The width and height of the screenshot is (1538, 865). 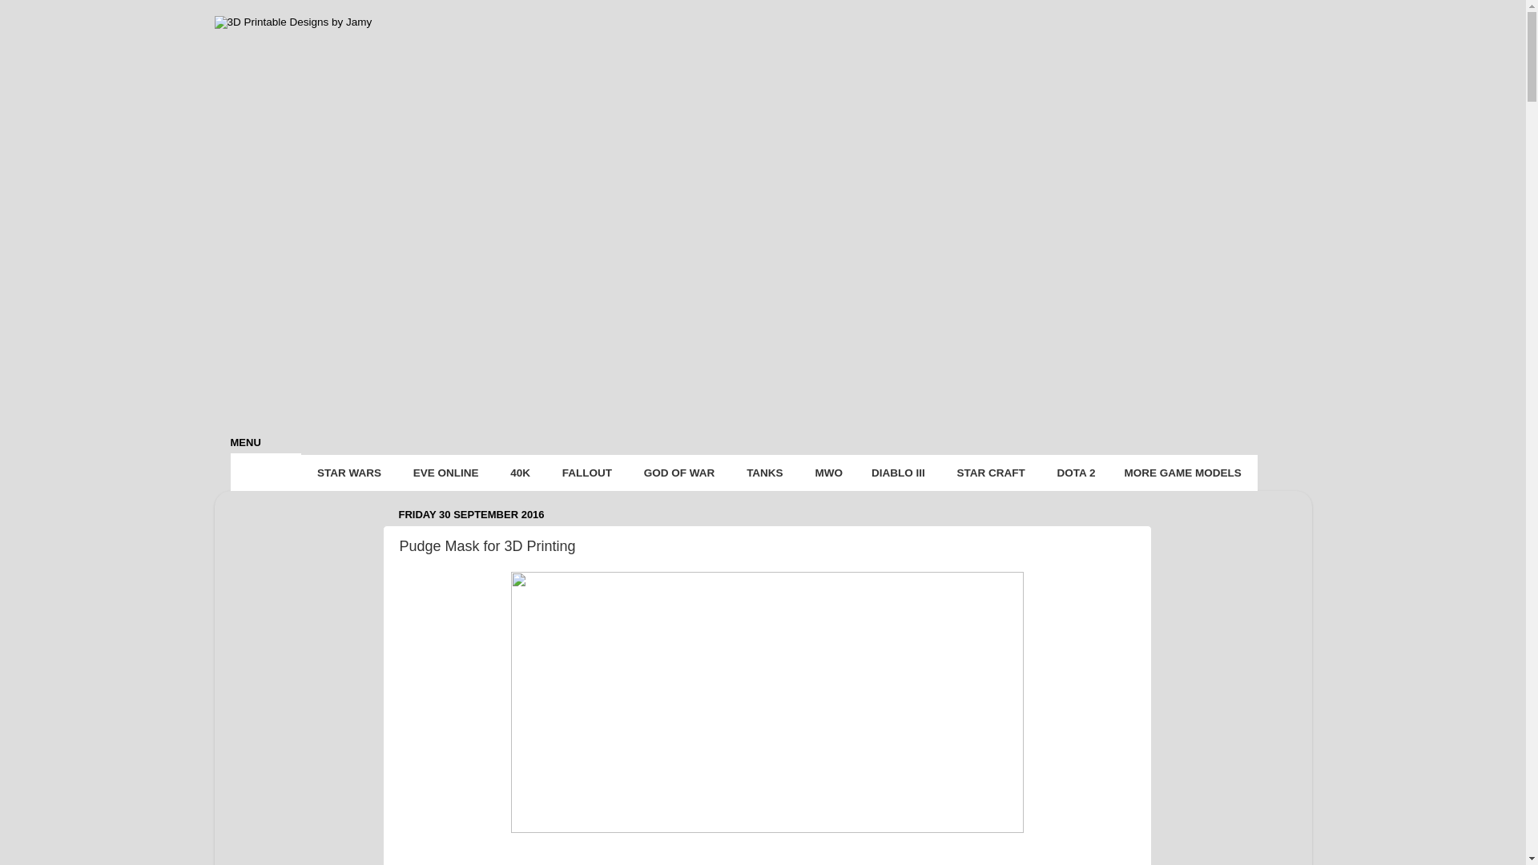 I want to click on 'HOME', so click(x=264, y=471).